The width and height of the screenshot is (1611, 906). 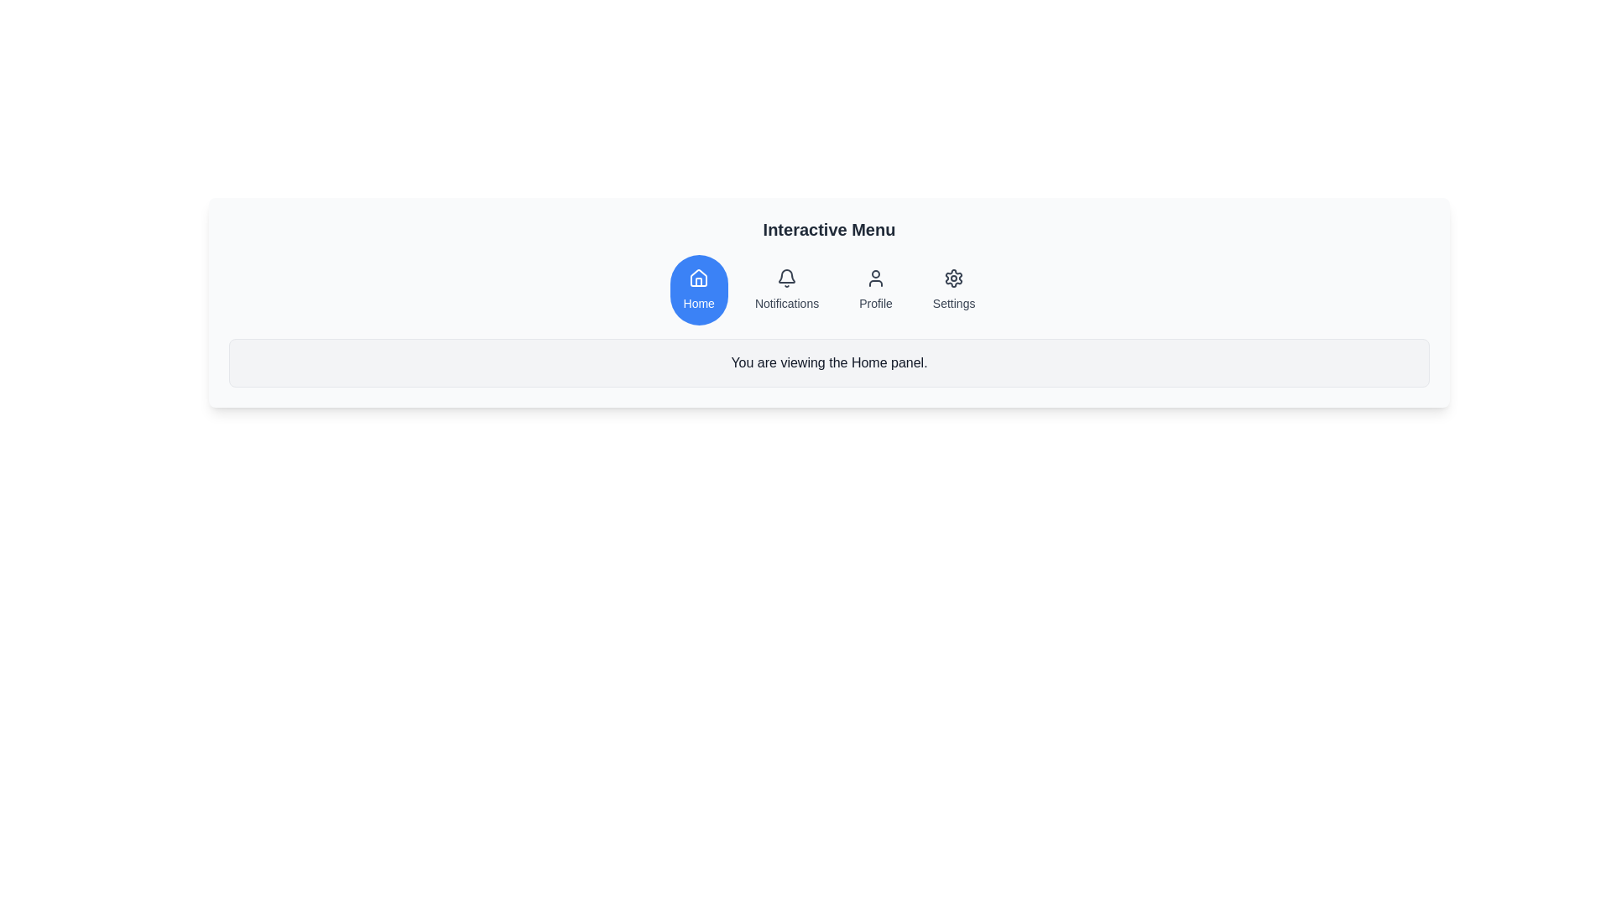 What do you see at coordinates (875, 277) in the screenshot?
I see `the Profile icon in the menu bar` at bounding box center [875, 277].